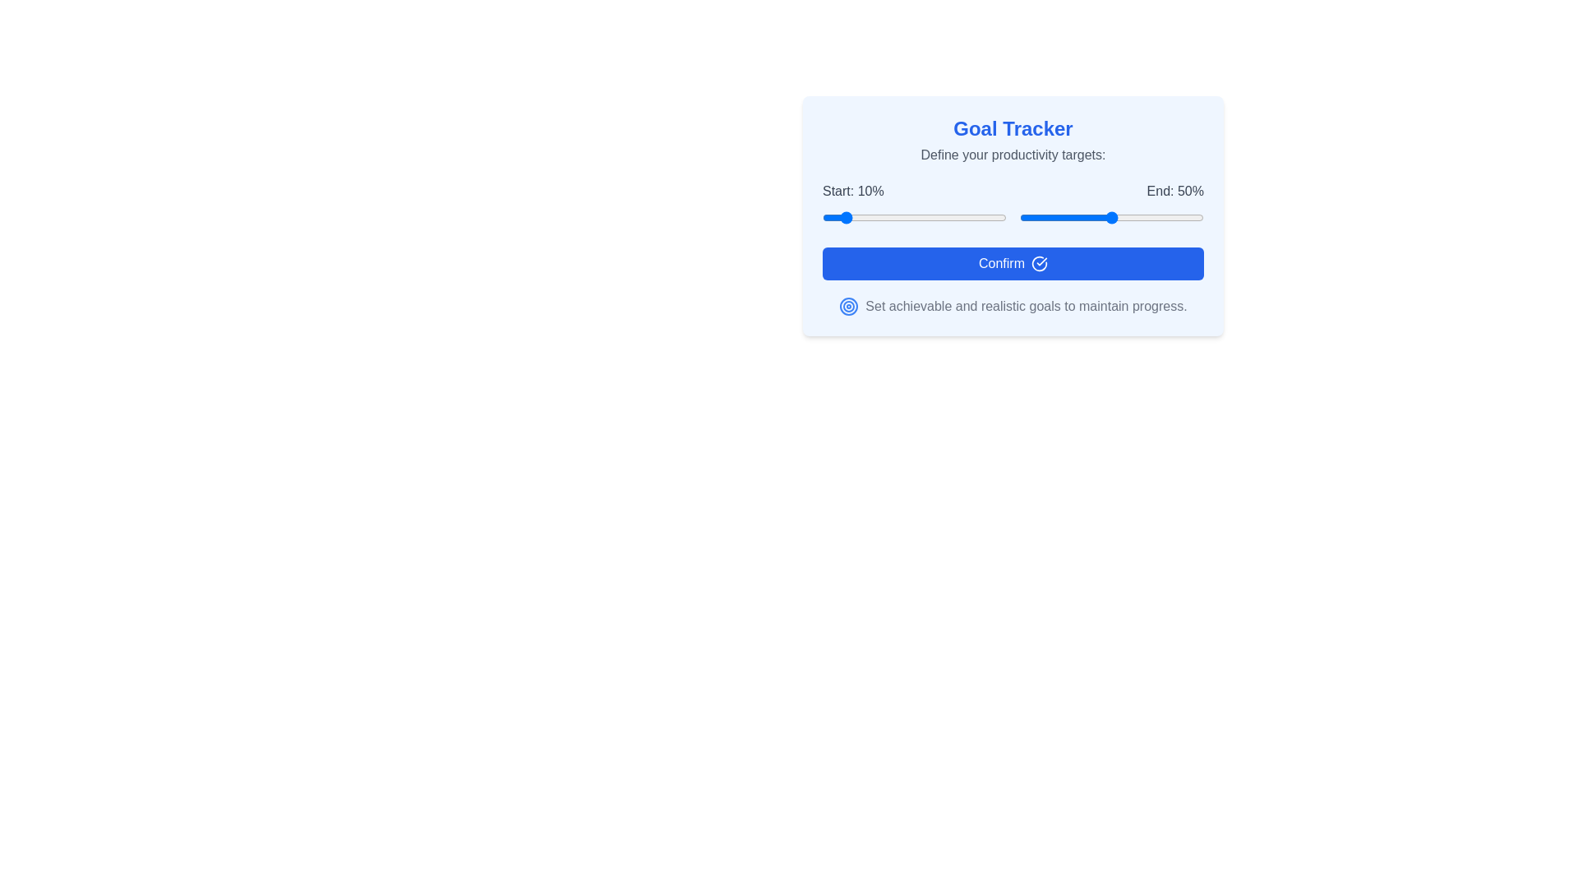 The width and height of the screenshot is (1578, 888). Describe the element at coordinates (1095, 217) in the screenshot. I see `the slider` at that location.